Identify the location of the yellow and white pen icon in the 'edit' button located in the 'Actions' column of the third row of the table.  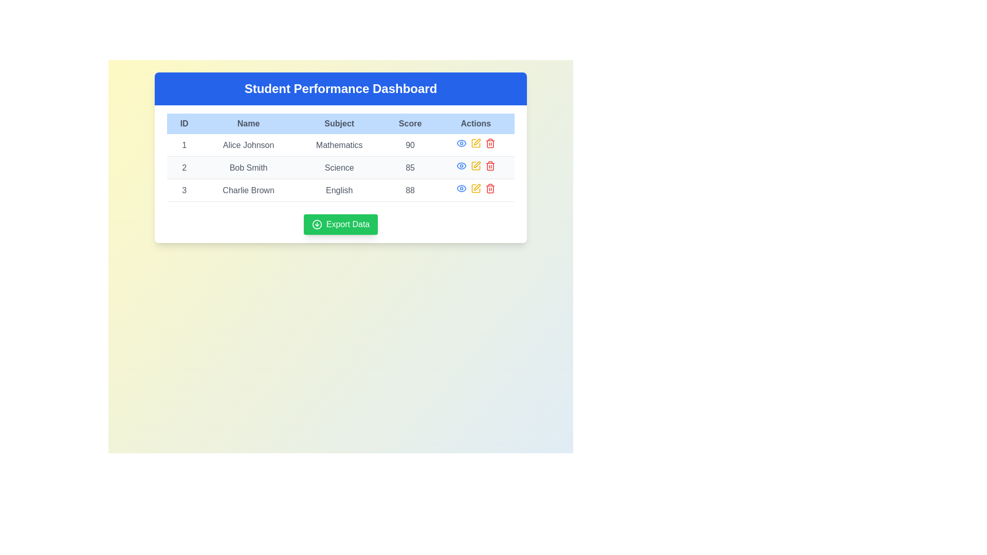
(475, 188).